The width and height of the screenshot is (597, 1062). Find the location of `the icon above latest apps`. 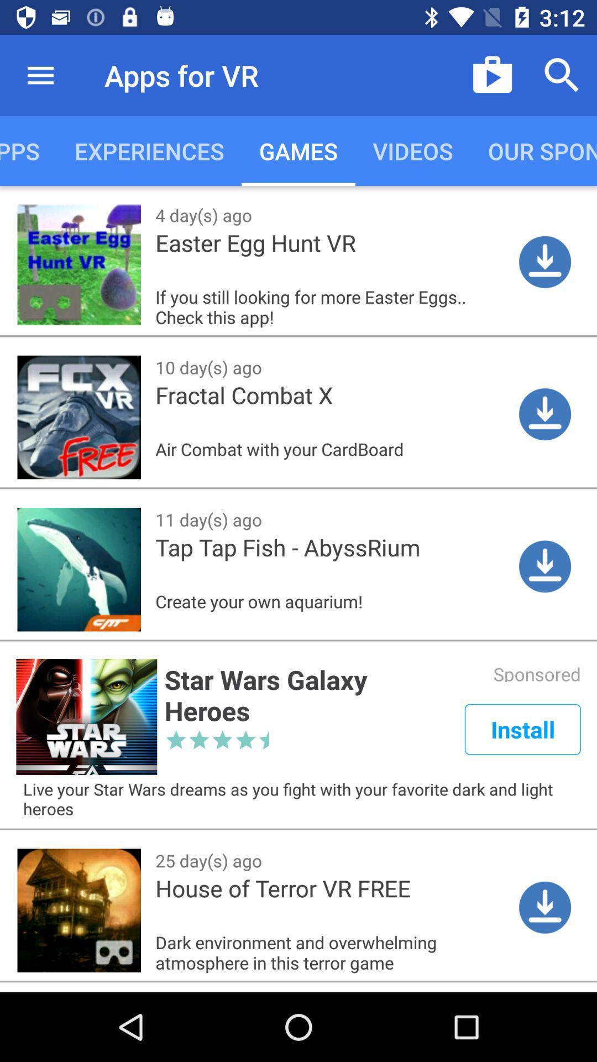

the icon above latest apps is located at coordinates (40, 75).